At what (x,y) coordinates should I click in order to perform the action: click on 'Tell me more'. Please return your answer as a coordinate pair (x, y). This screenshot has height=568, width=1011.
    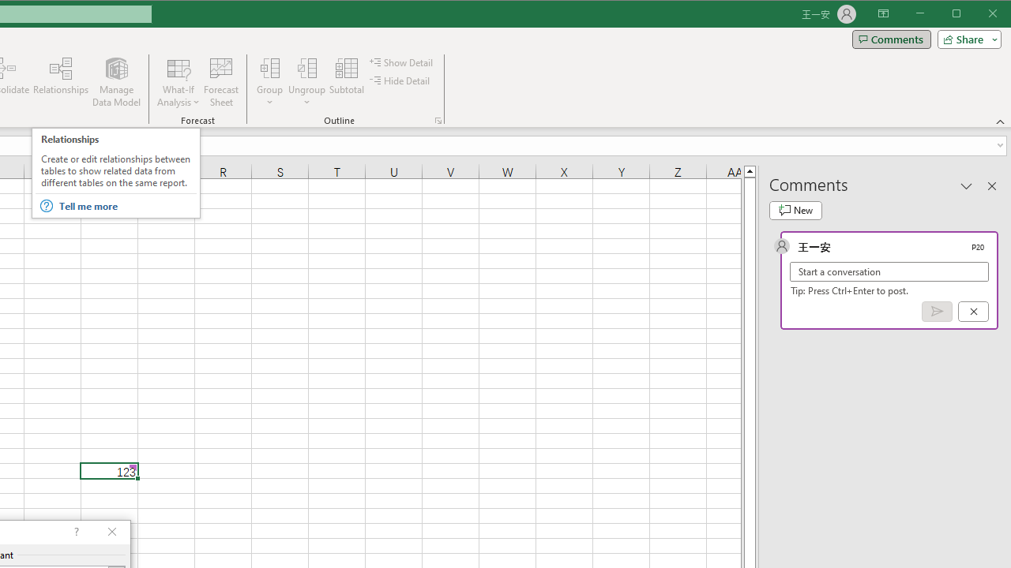
    Looking at the image, I should click on (127, 205).